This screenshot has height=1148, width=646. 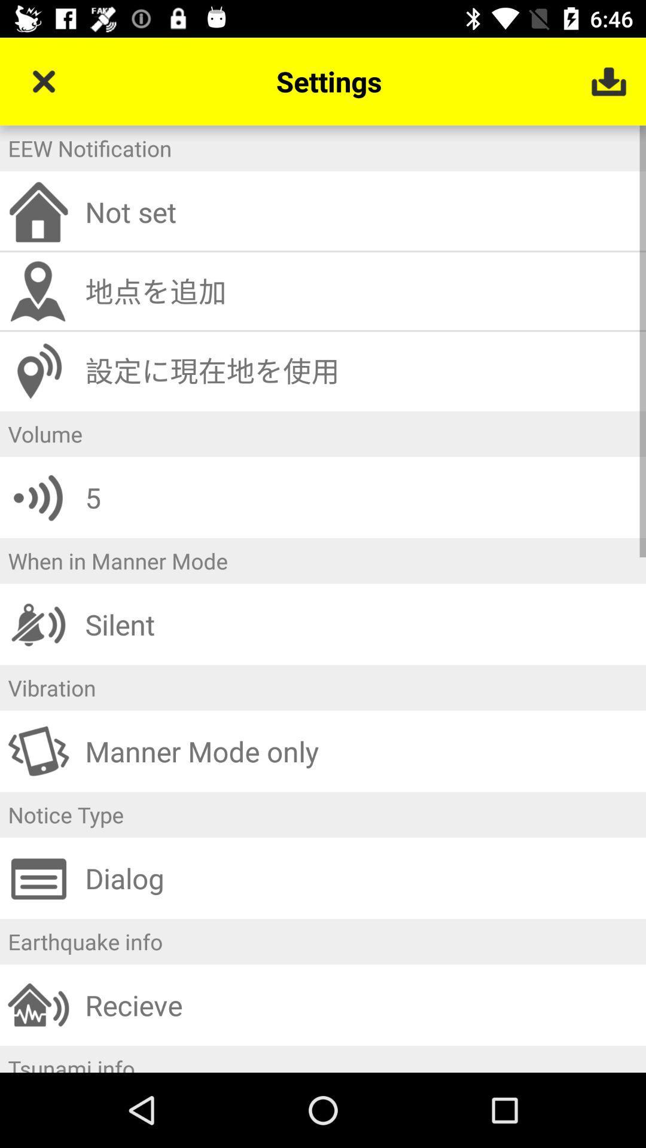 What do you see at coordinates (43, 81) in the screenshot?
I see `item above the eew notification` at bounding box center [43, 81].